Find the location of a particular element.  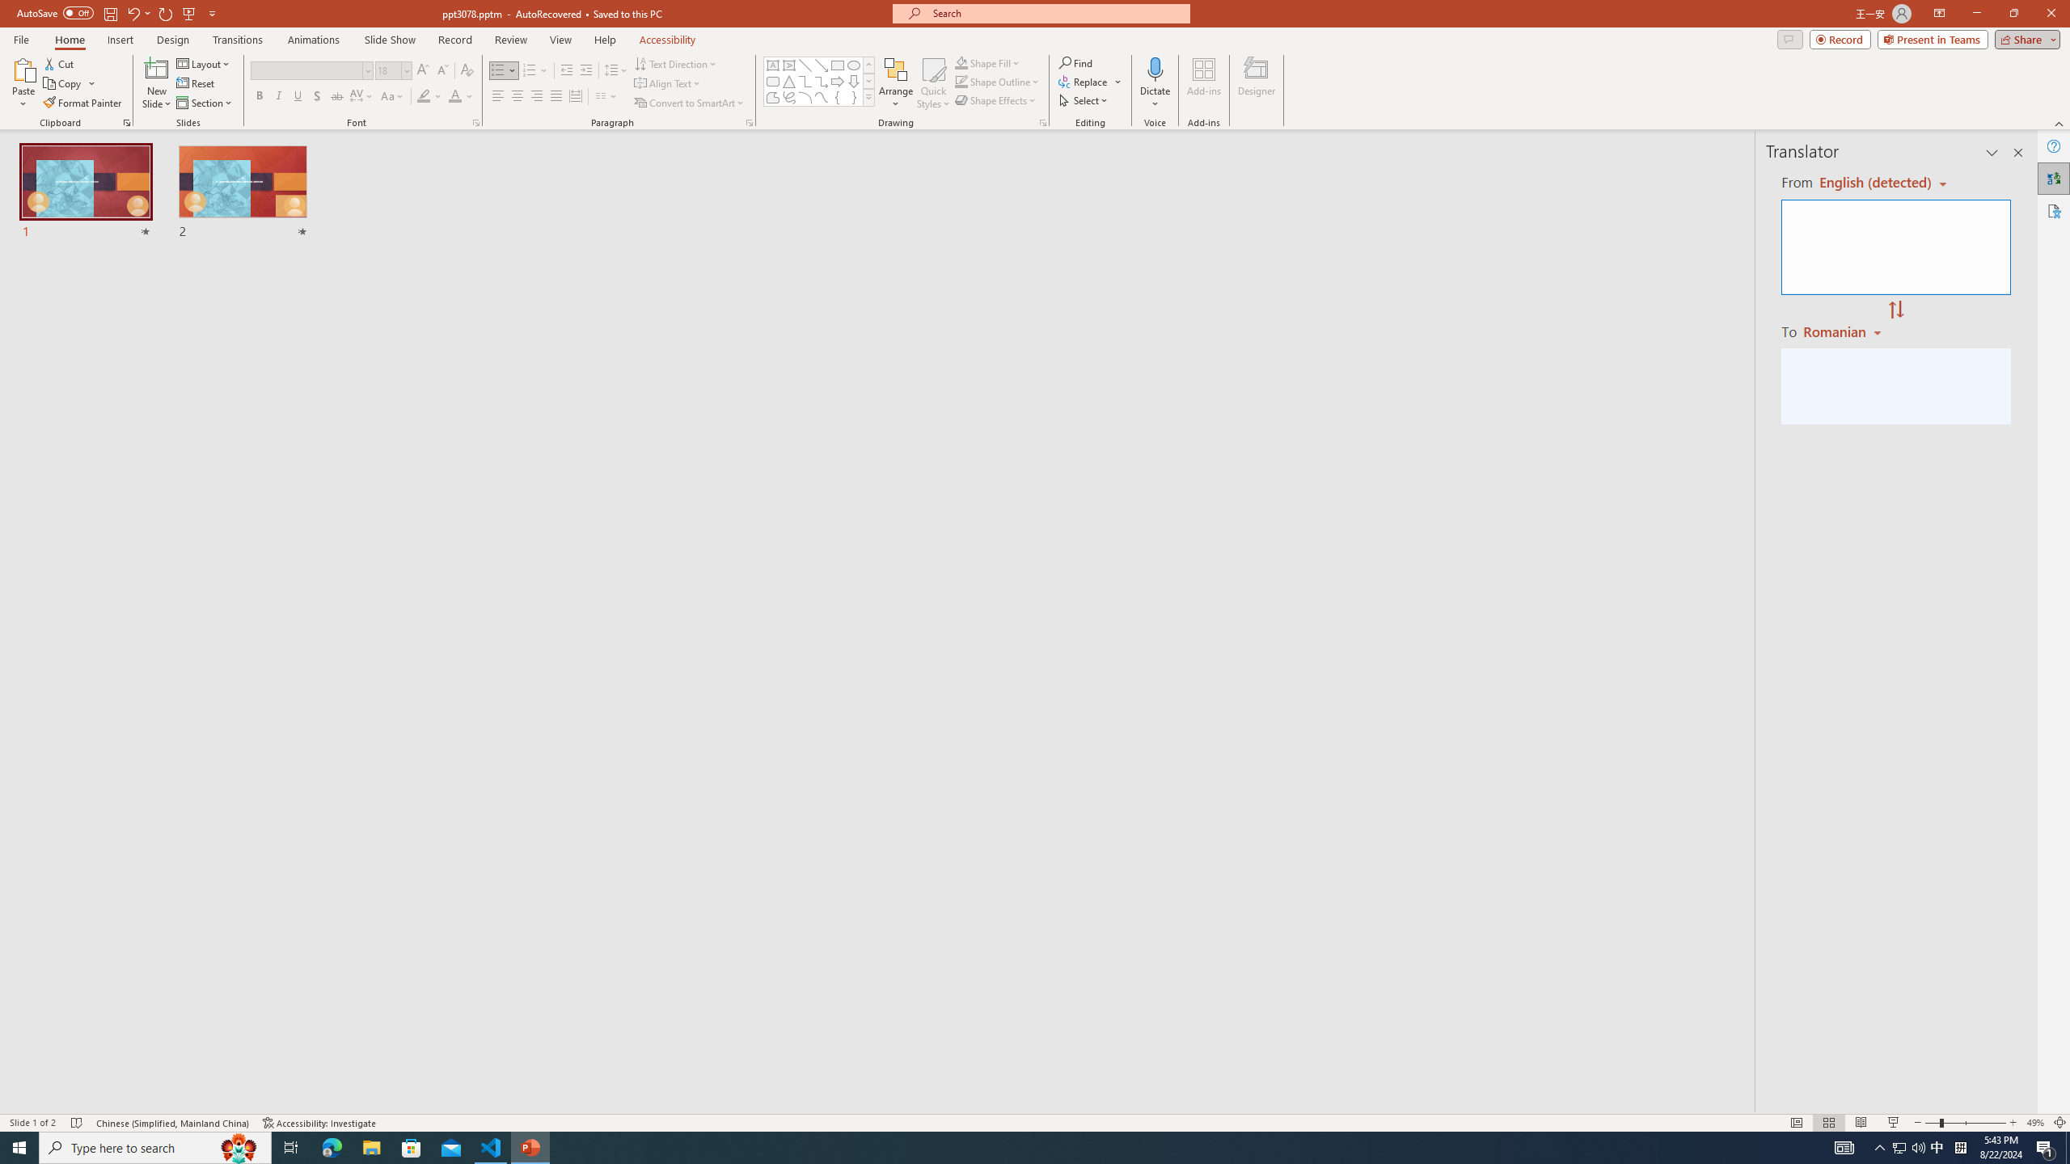

'Shape Effects' is located at coordinates (995, 99).